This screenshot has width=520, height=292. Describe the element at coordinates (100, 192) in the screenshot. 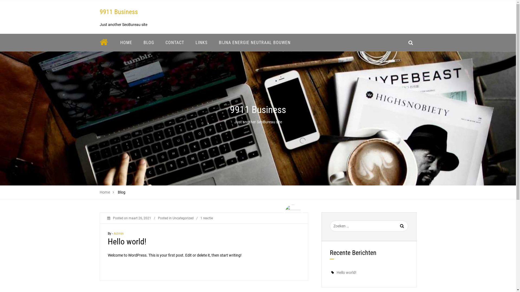

I see `'Home'` at that location.